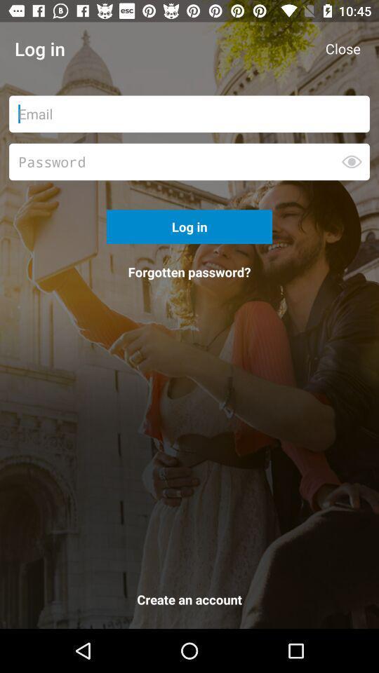  I want to click on the create an account icon, so click(189, 601).